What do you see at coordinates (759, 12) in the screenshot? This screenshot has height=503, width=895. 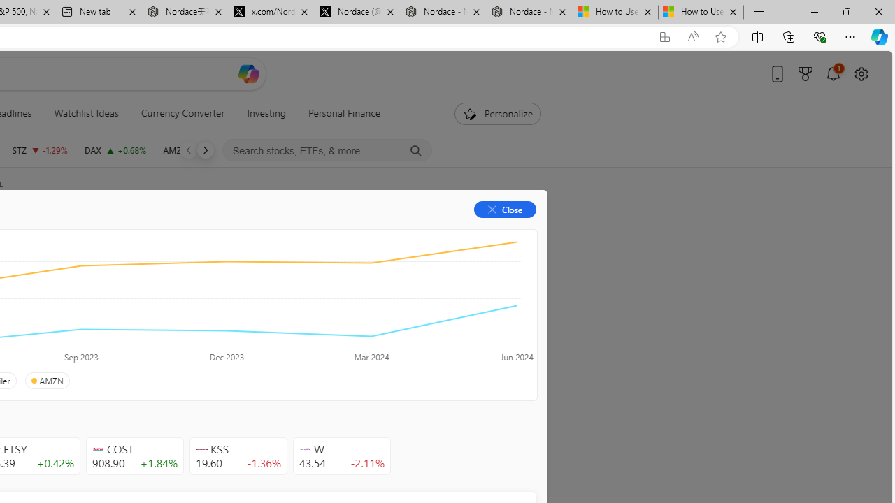 I see `'New Tab'` at bounding box center [759, 12].